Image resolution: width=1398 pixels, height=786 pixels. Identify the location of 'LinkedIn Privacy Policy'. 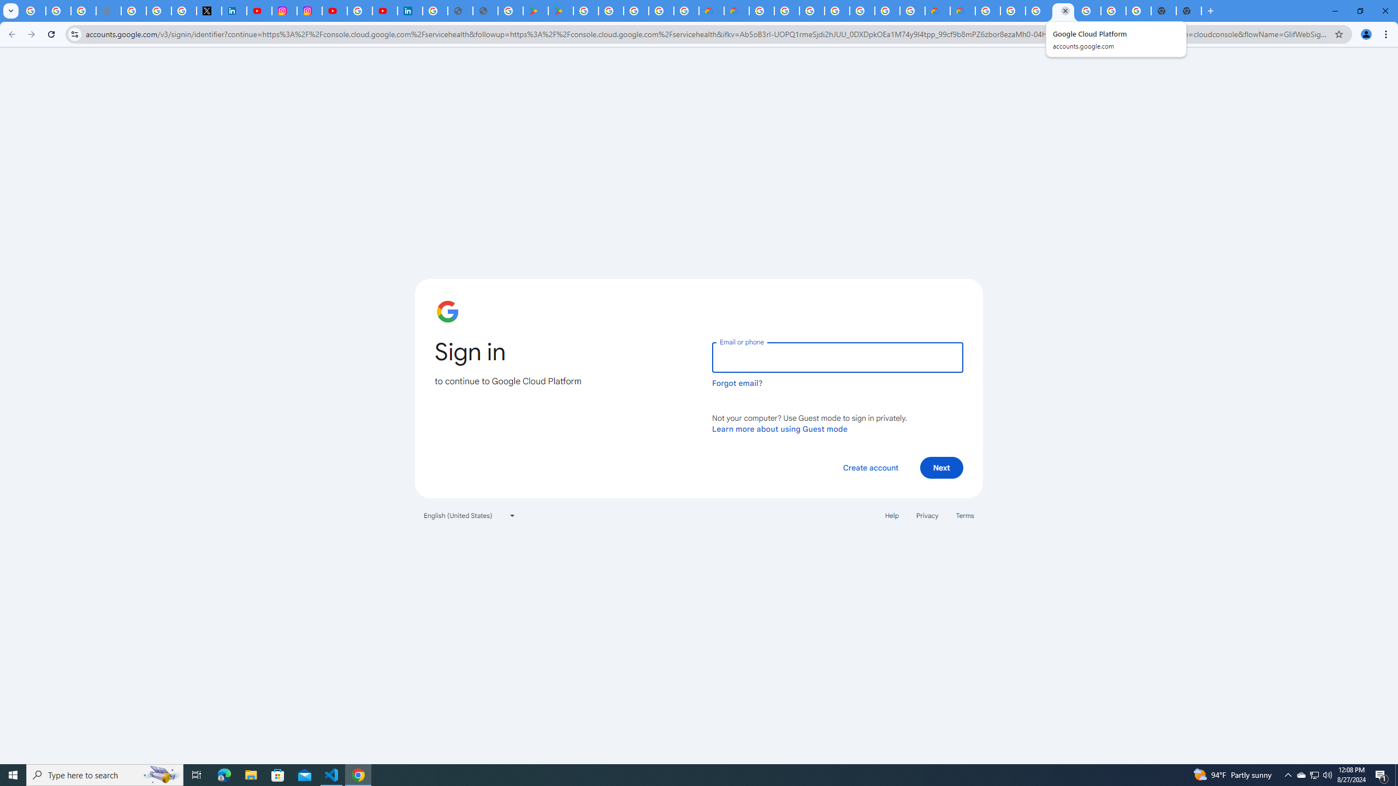
(234, 10).